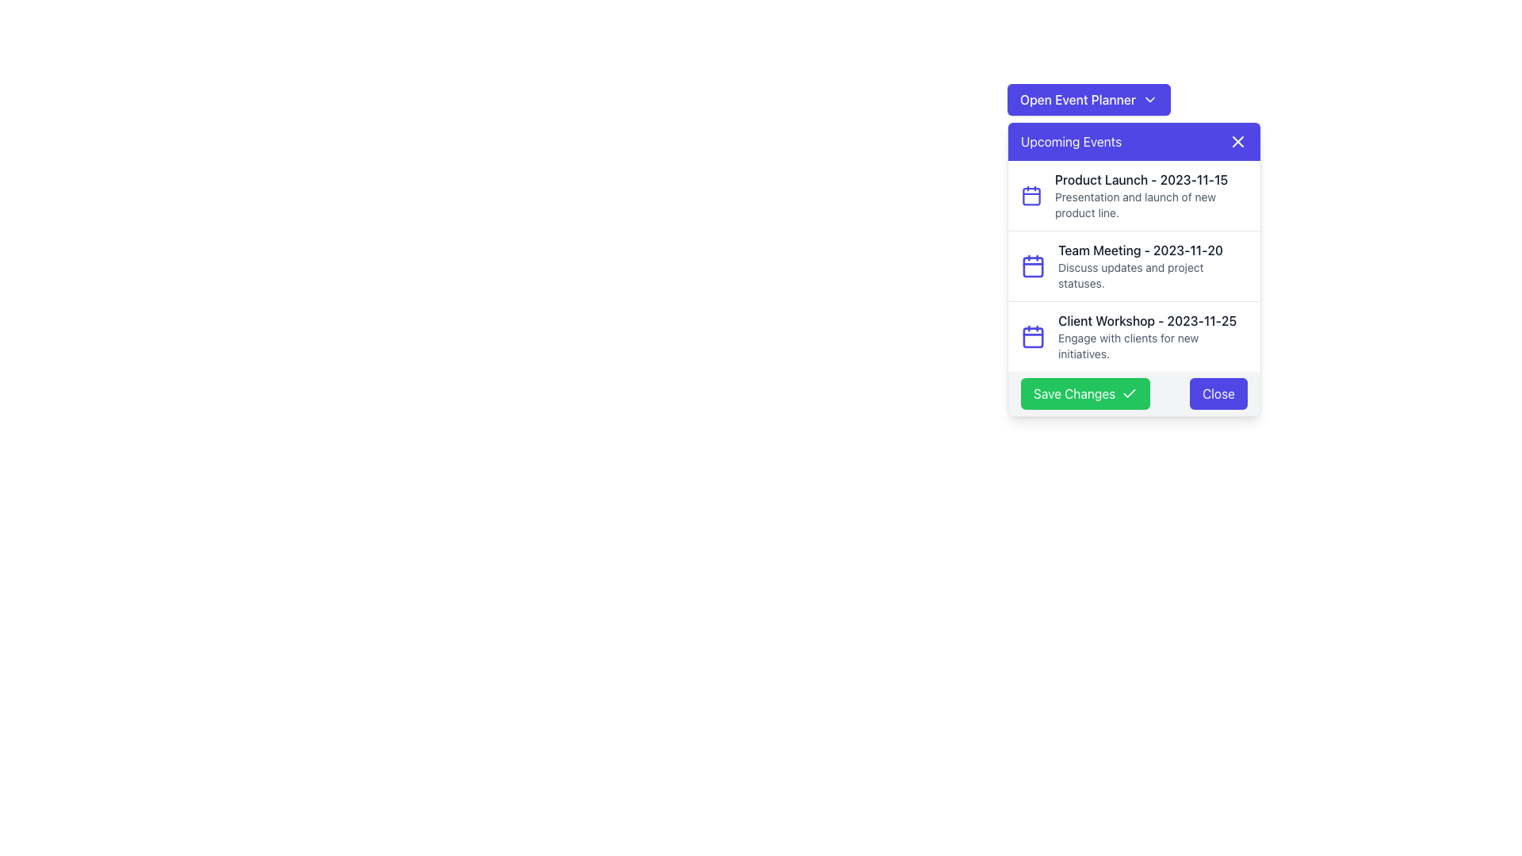 This screenshot has height=856, width=1522. What do you see at coordinates (1071, 140) in the screenshot?
I see `the Text Label that serves as a title or header within the blue header bar at the top of the pop-up interface` at bounding box center [1071, 140].